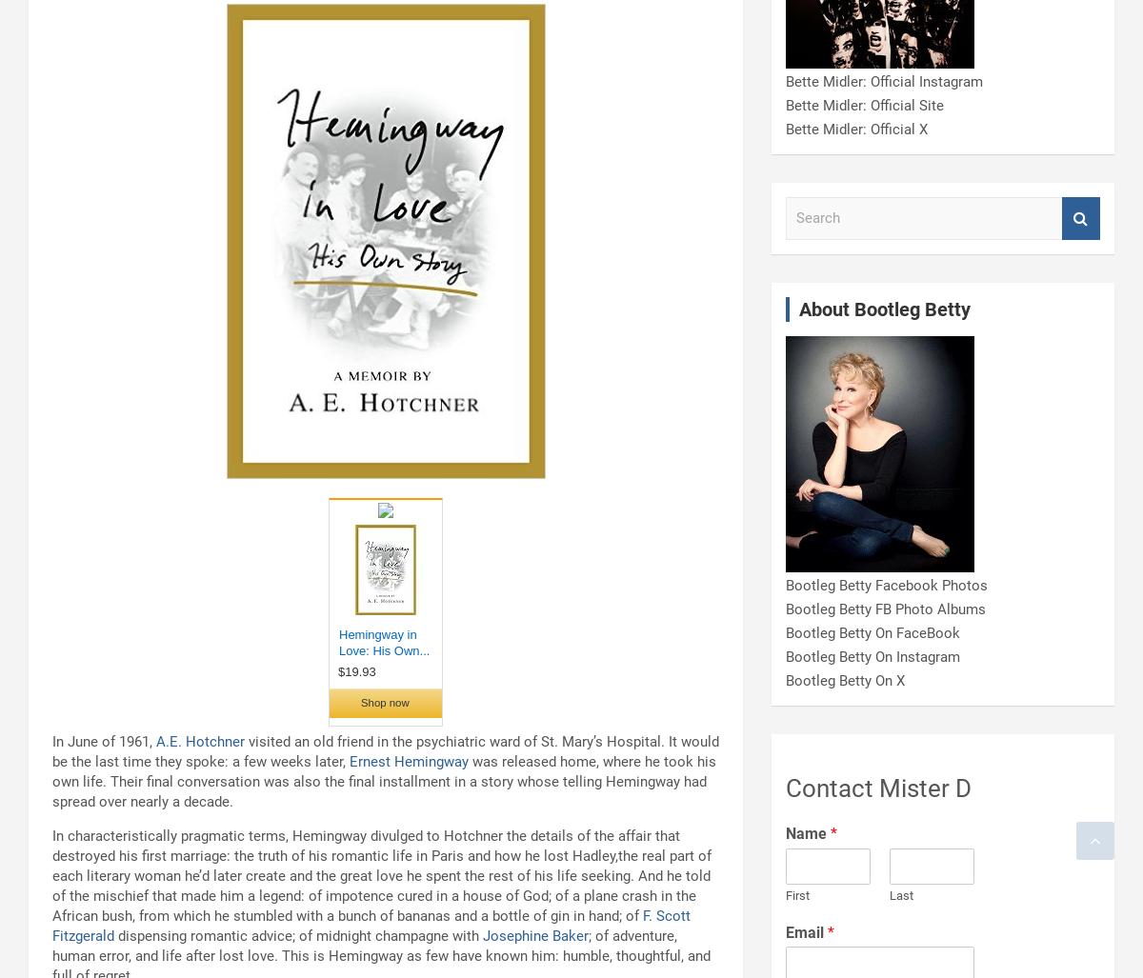  I want to click on 'Contact Mister D', so click(785, 788).